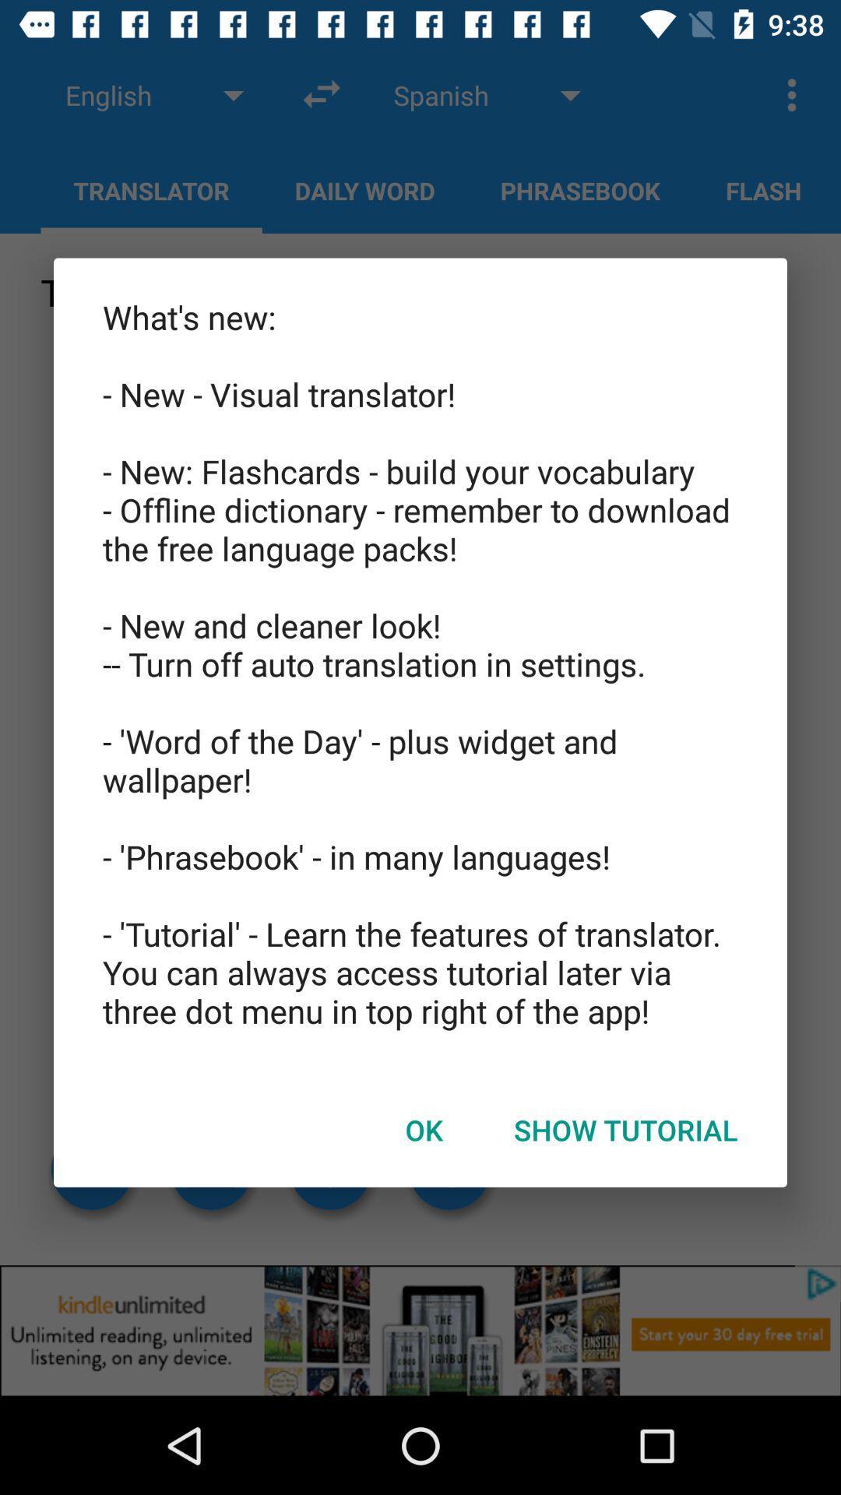  Describe the element at coordinates (625, 1130) in the screenshot. I see `icon next to the ok` at that location.